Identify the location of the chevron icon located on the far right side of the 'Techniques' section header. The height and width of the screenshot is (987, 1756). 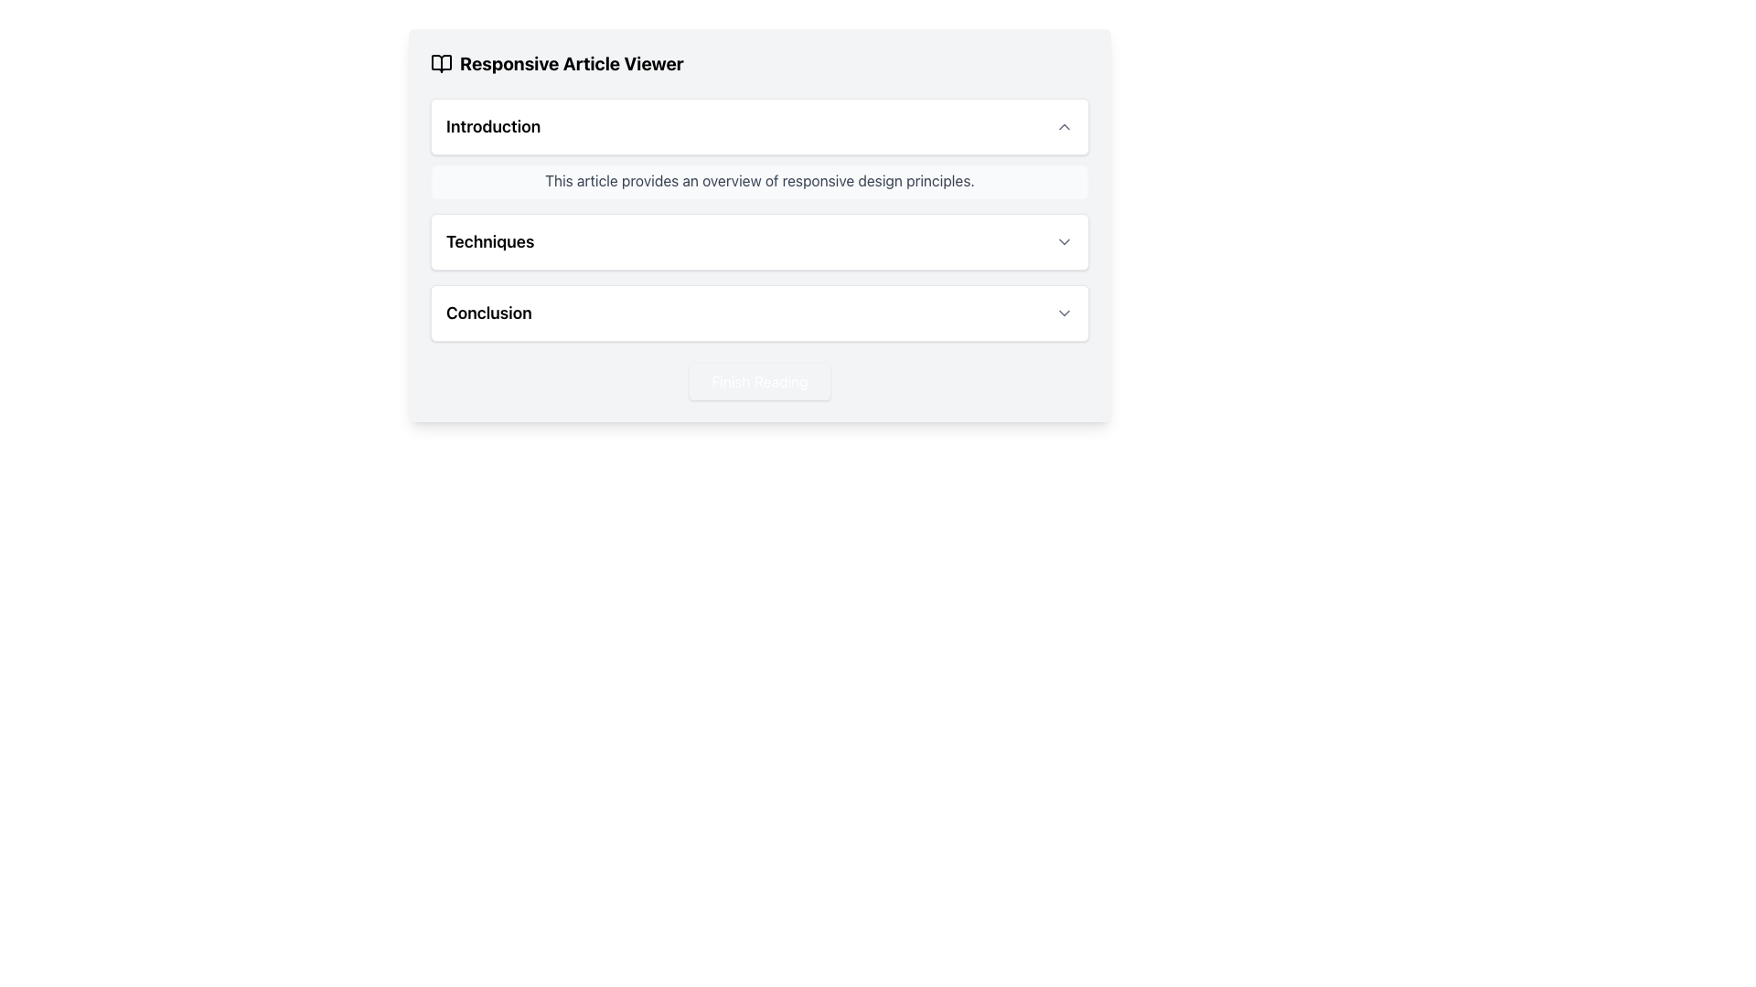
(1064, 241).